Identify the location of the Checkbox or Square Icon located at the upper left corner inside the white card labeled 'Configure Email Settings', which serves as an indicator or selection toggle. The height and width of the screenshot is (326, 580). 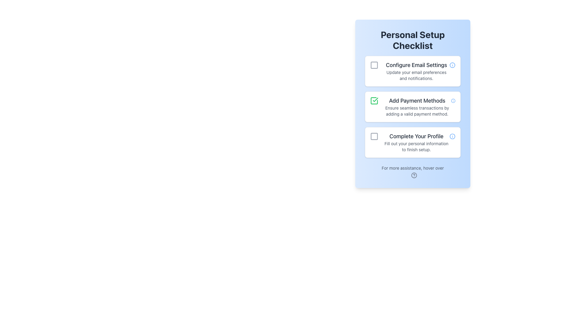
(374, 65).